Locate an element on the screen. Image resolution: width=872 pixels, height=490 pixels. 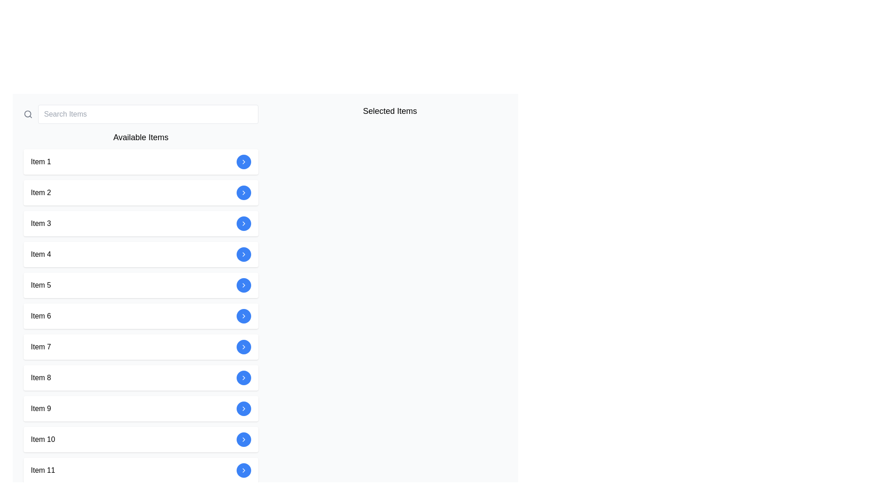
the circular button with an embedded chevron icon located at the far-right end of the row containing 'Item 1' is located at coordinates (243, 162).